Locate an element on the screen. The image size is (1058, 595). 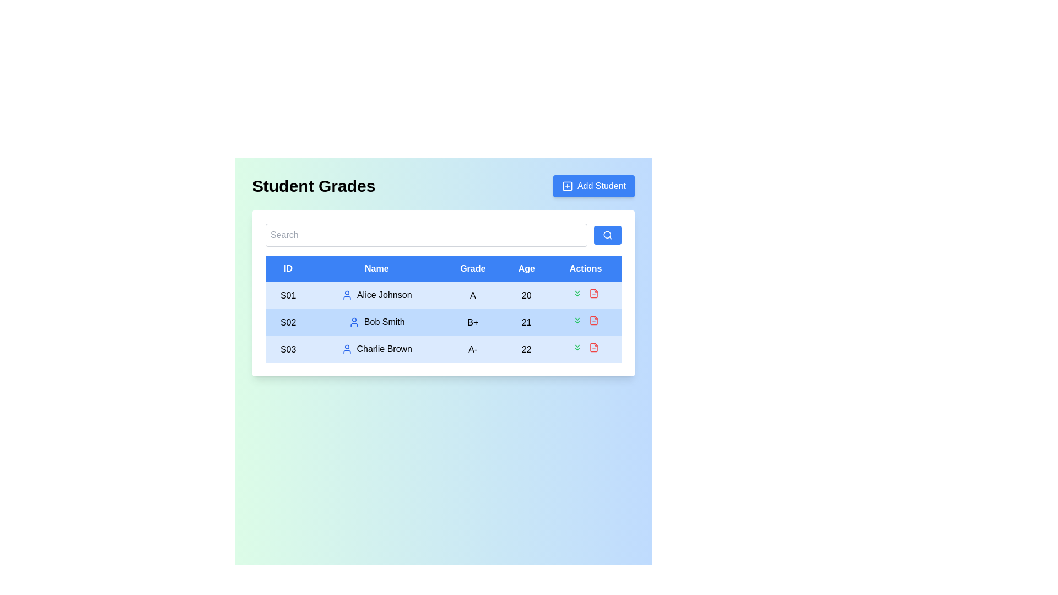
the rectangular button with a blue background labeled 'Add Student' is located at coordinates (593, 186).